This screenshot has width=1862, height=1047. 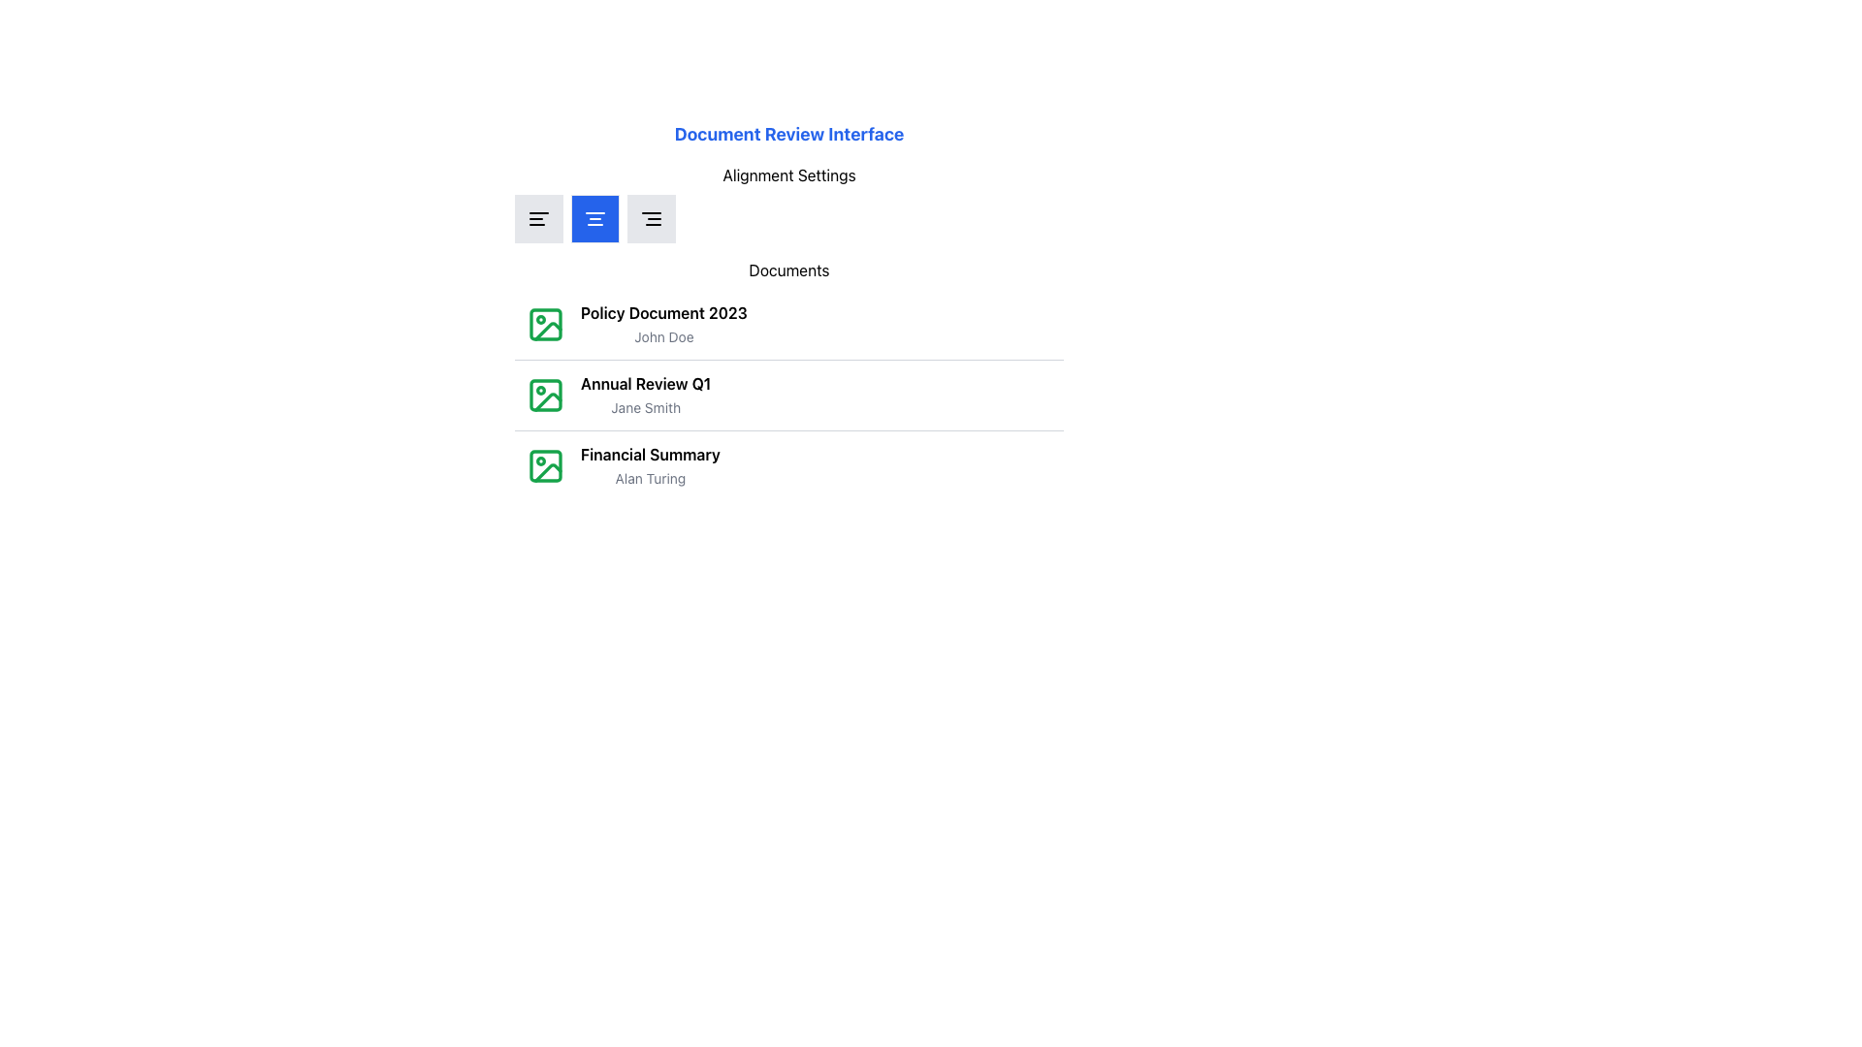 What do you see at coordinates (544, 324) in the screenshot?
I see `the icon that visually identifies the document entry titled 'Policy Document 2023' by John Doe, which is the first visual element in the horizontal row of the list` at bounding box center [544, 324].